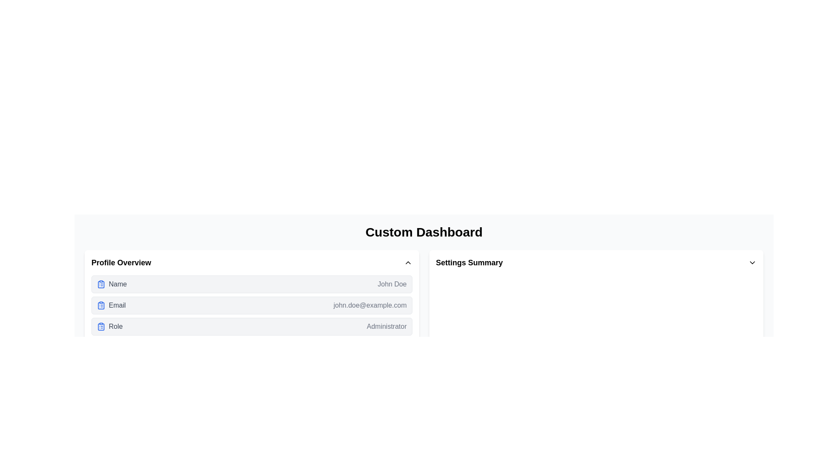 This screenshot has height=457, width=813. I want to click on the icon that indicates the type or category of information presented near the 'Role' text in the third row of the 'Profile Overview' section, so click(101, 326).